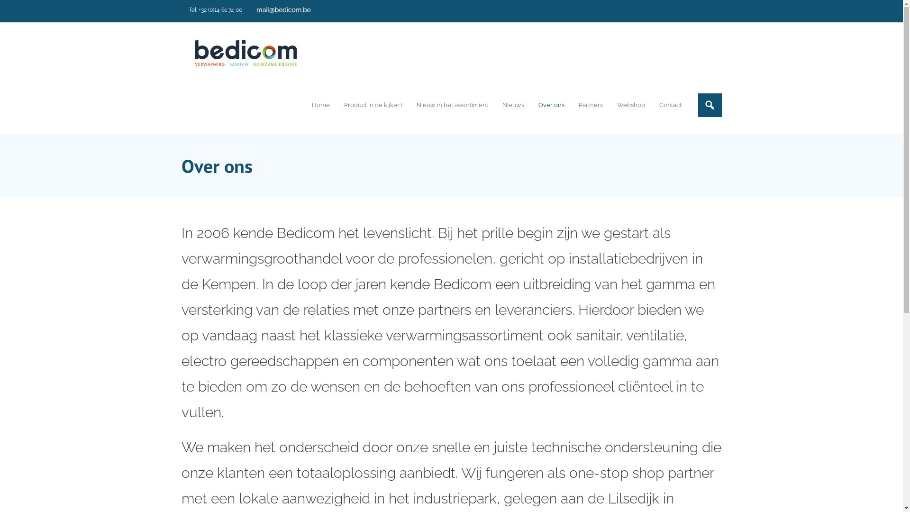 The image size is (910, 512). I want to click on 'Over ons', so click(551, 105).